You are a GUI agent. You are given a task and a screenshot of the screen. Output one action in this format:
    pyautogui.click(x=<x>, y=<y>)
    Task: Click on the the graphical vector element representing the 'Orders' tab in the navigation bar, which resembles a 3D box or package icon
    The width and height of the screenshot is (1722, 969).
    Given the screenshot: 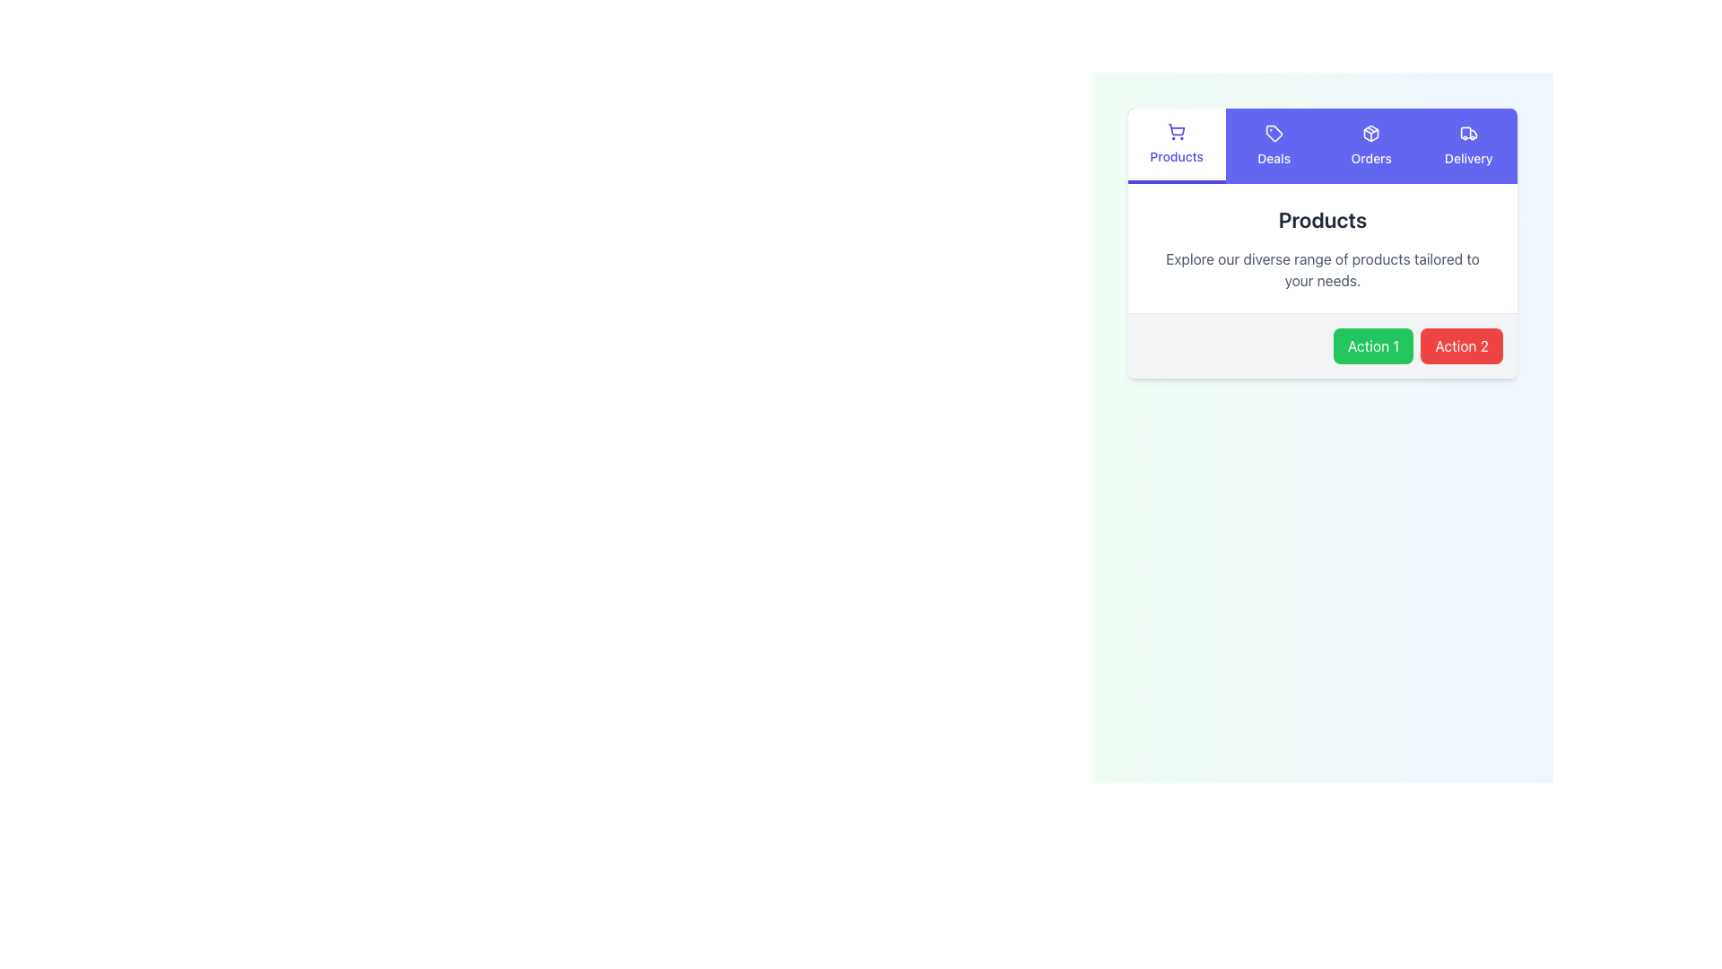 What is the action you would take?
    pyautogui.click(x=1370, y=133)
    